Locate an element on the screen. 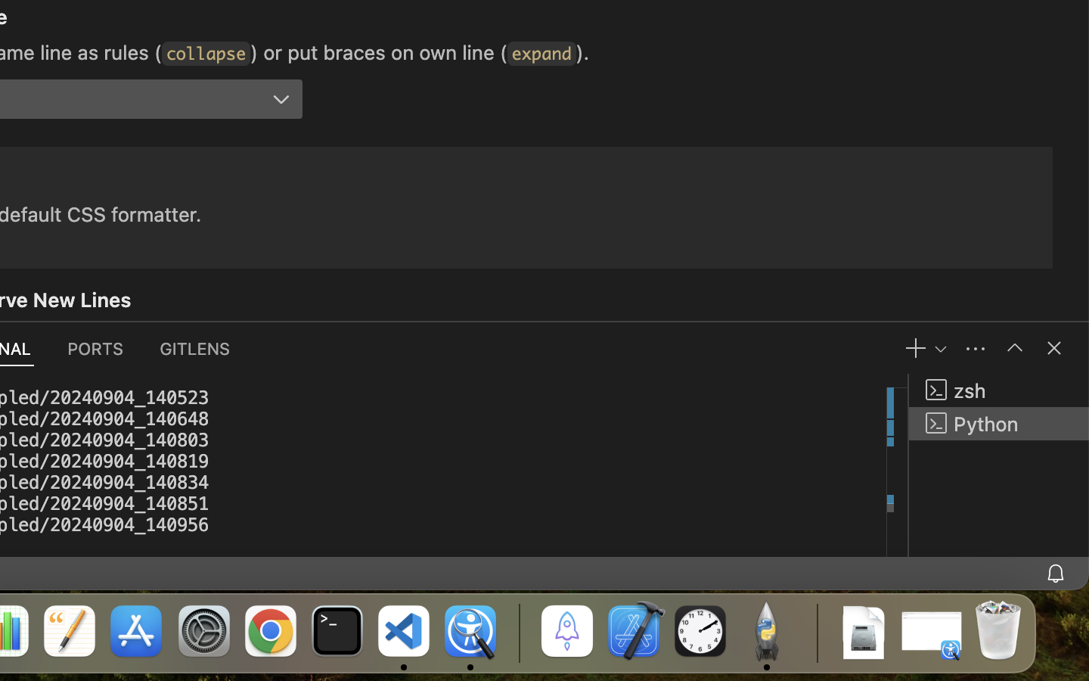 The width and height of the screenshot is (1089, 681). '' is located at coordinates (1013, 347).